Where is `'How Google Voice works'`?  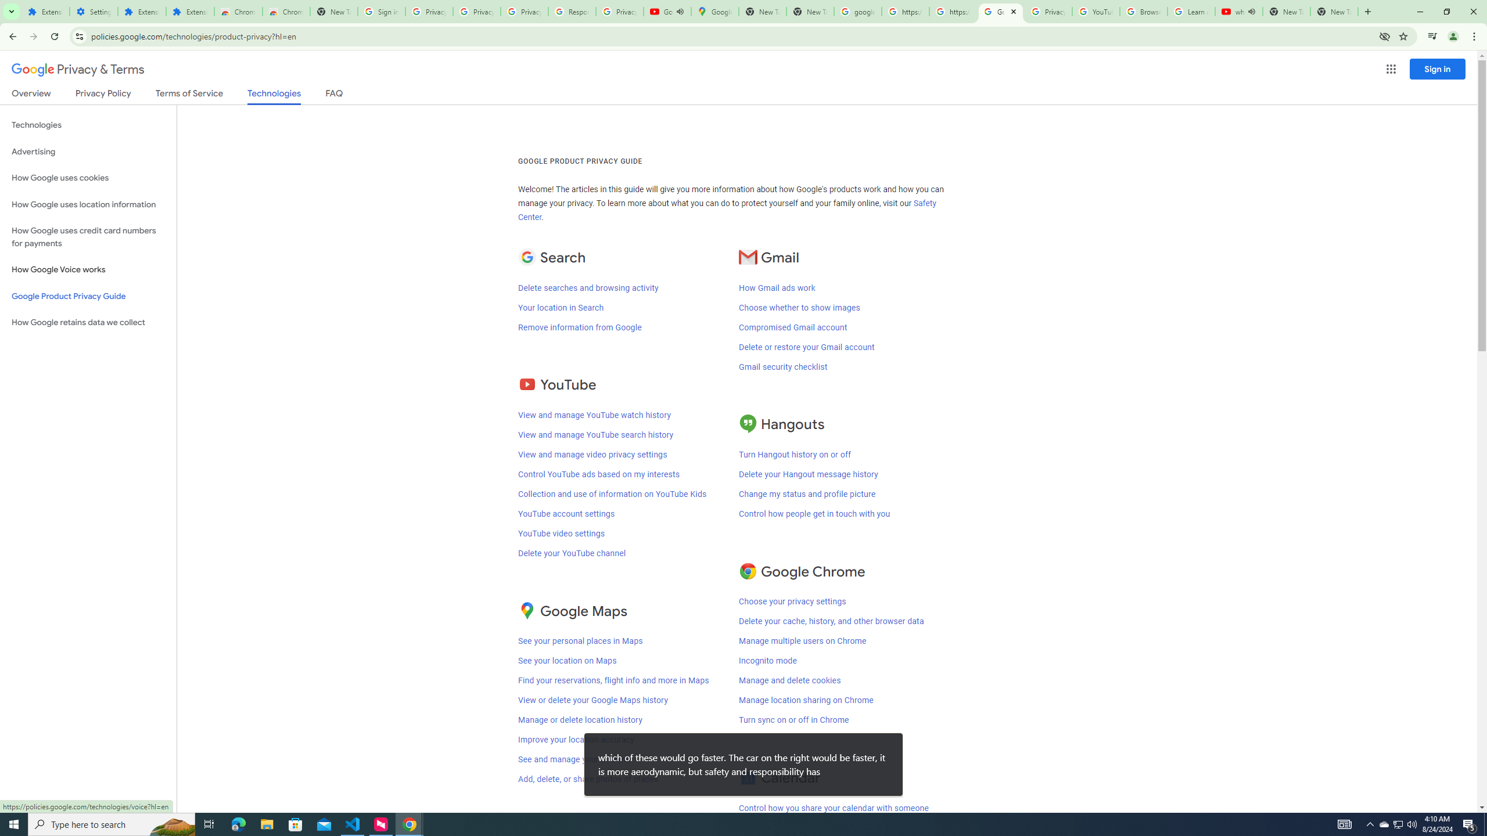
'How Google Voice works' is located at coordinates (88, 269).